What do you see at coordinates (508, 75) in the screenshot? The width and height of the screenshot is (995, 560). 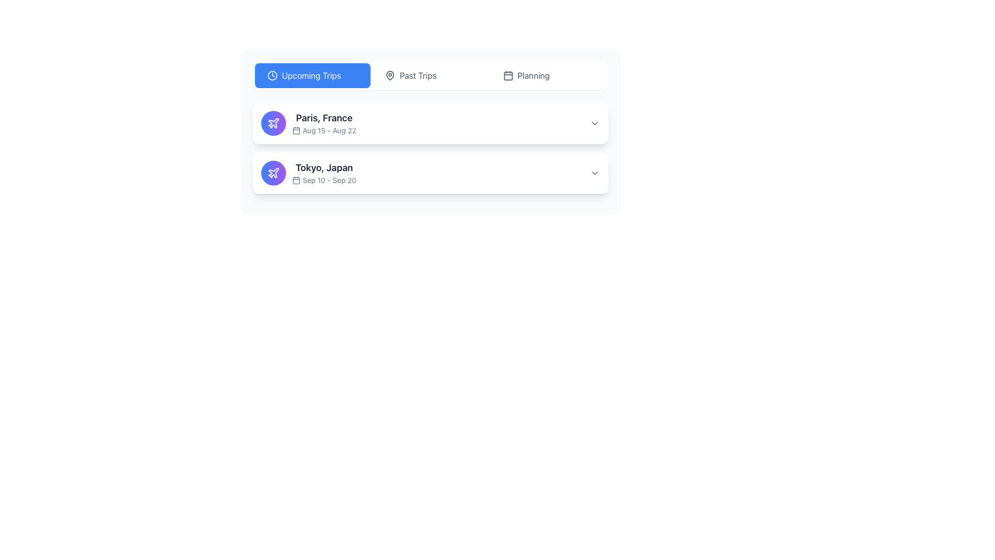 I see `the internal rectangle of the calendar icon located within the 'Planning' tab in the top navigation bar, which is positioned to the right of the 'Upcoming Trips' and 'Past Trips' tabs` at bounding box center [508, 75].